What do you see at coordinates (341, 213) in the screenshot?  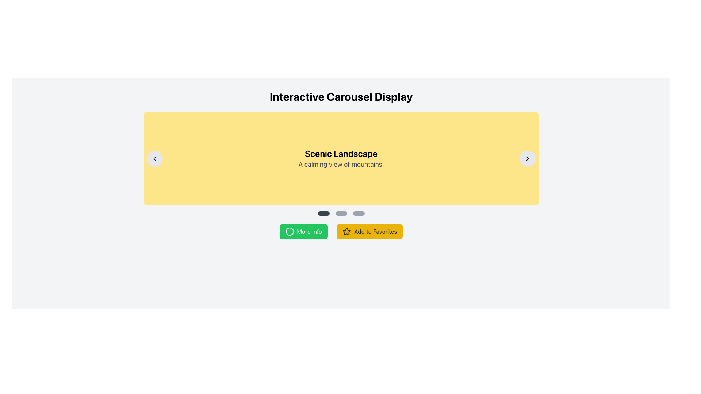 I see `the middle gray bar of the Progress Indicator located beneath the 'Scenic Landscape' title` at bounding box center [341, 213].